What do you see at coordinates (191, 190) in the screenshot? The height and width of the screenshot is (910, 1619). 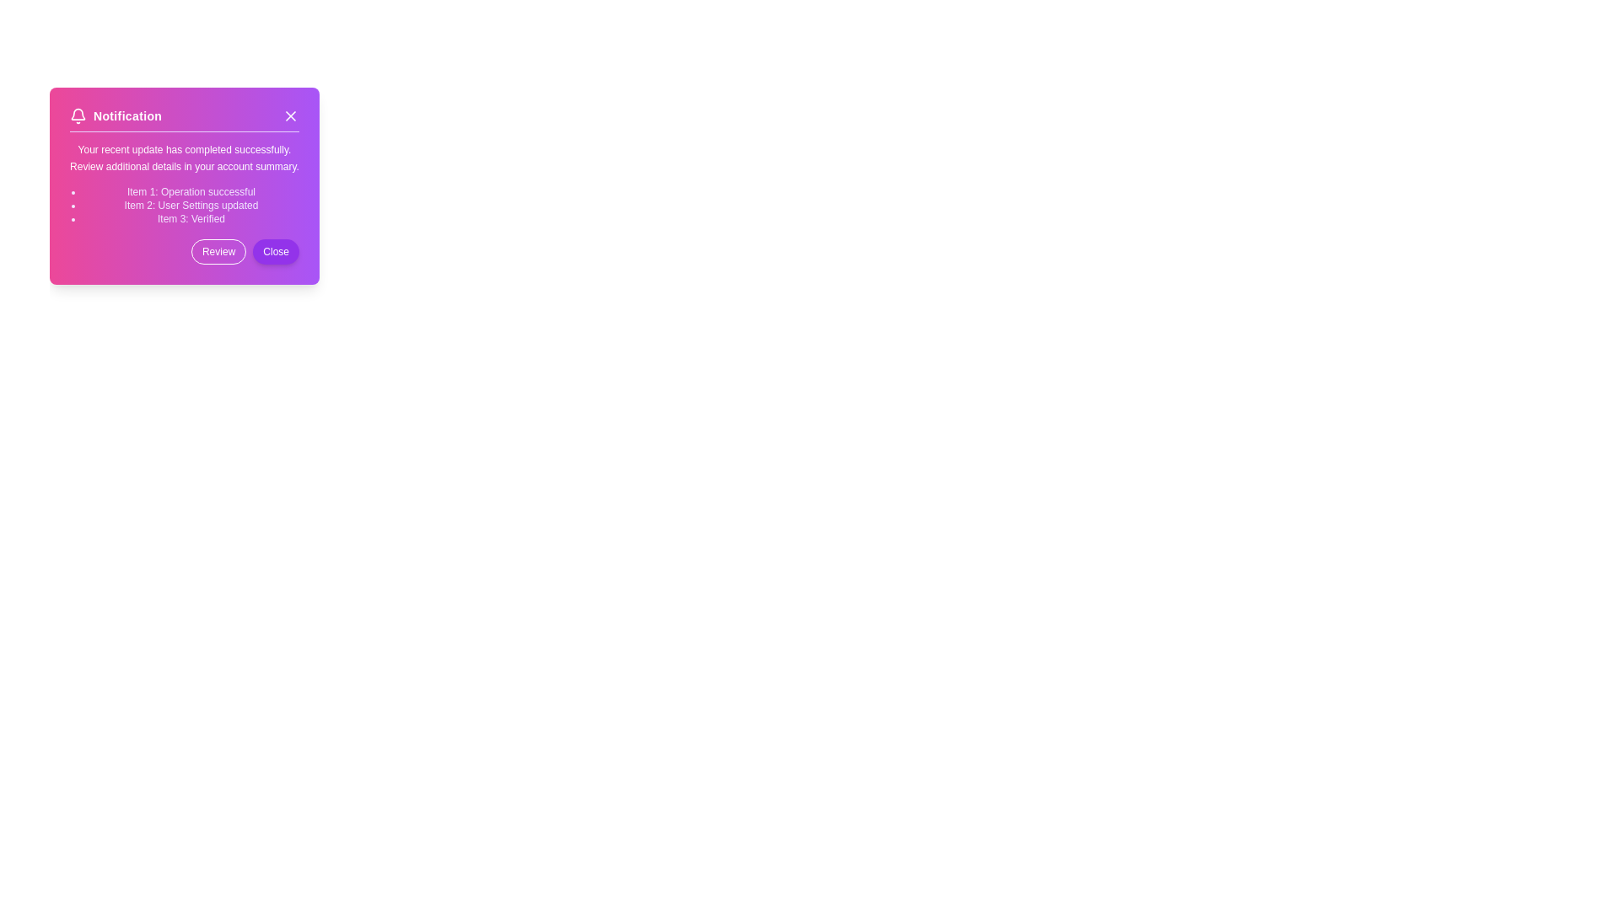 I see `the text snippet that reads 'Item 1: Operation successful' in the notification panel, which is the first item in a bulleted list under the title 'Notification'` at bounding box center [191, 190].